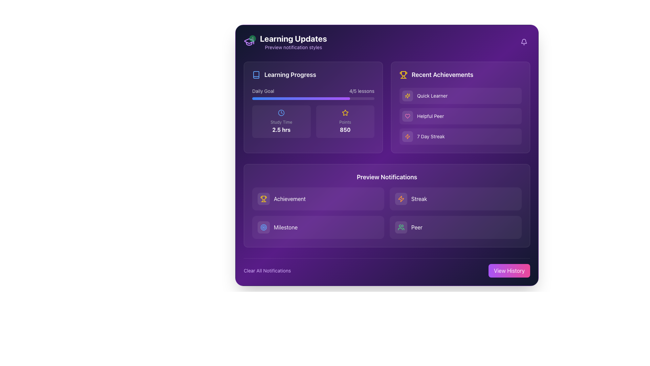 The width and height of the screenshot is (650, 366). Describe the element at coordinates (256, 75) in the screenshot. I see `the blue book icon located to the left of the 'Learning Progress' heading in the 'Learning Updates' section` at that location.